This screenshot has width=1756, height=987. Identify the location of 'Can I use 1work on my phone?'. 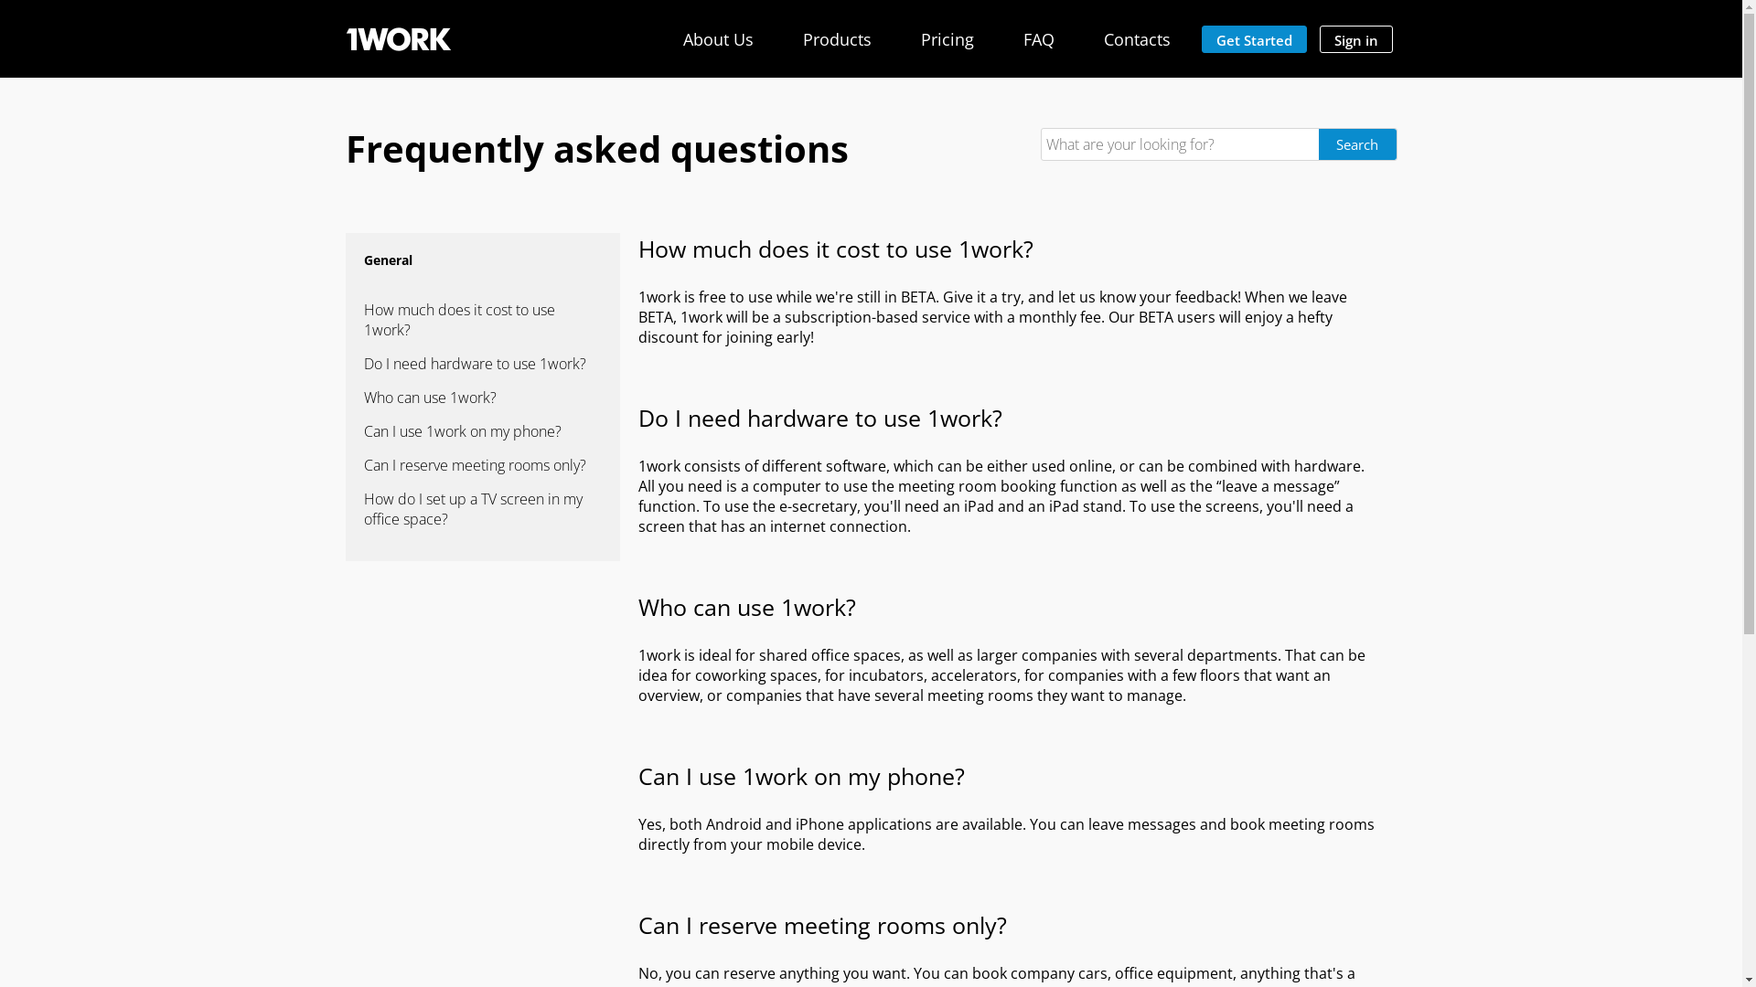
(364, 430).